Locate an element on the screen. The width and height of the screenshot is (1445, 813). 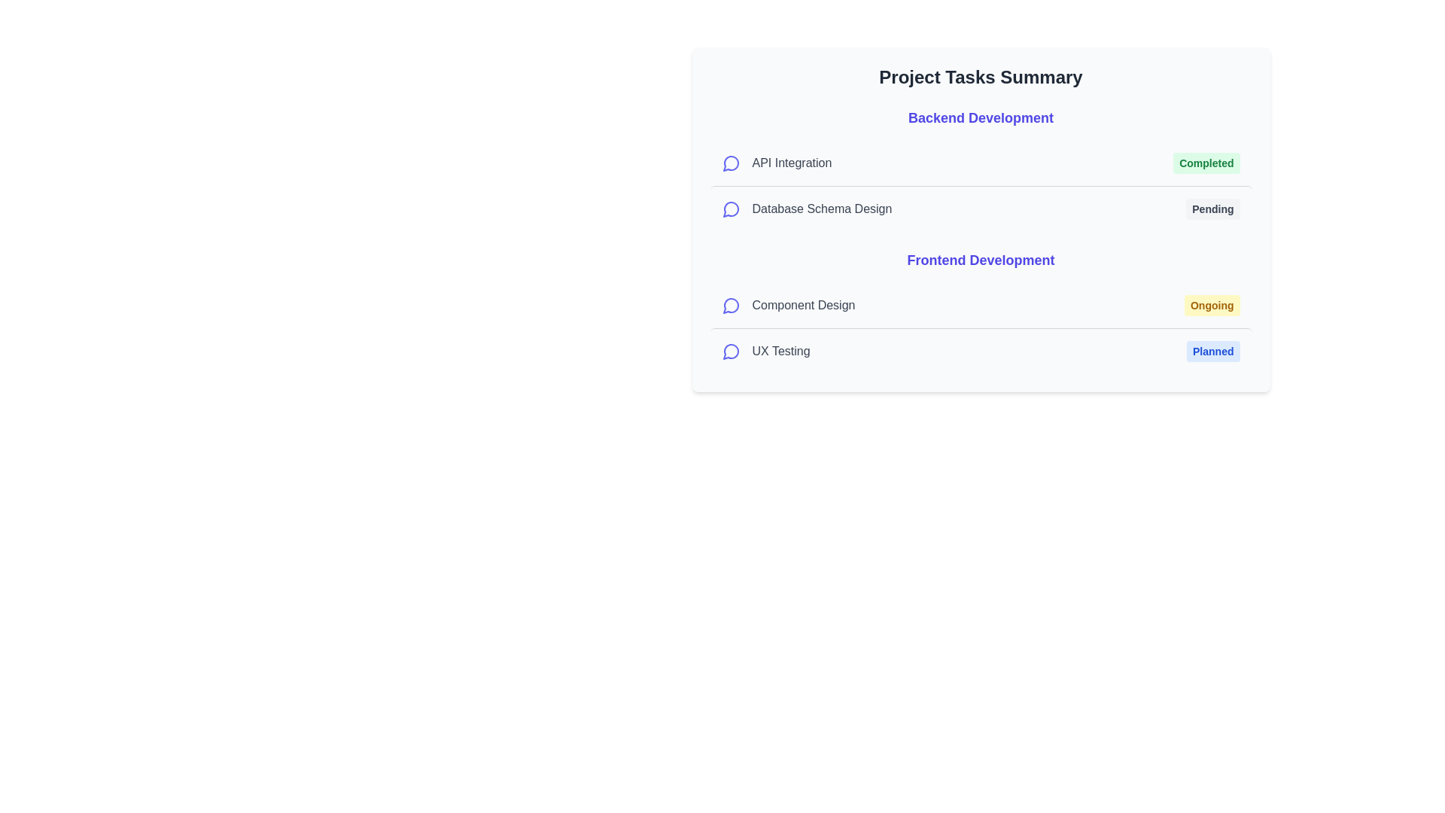
the text label reading 'API Integration' which is styled with a gray font color and located to the right of a speech bubble icon in a list layout is located at coordinates (791, 163).